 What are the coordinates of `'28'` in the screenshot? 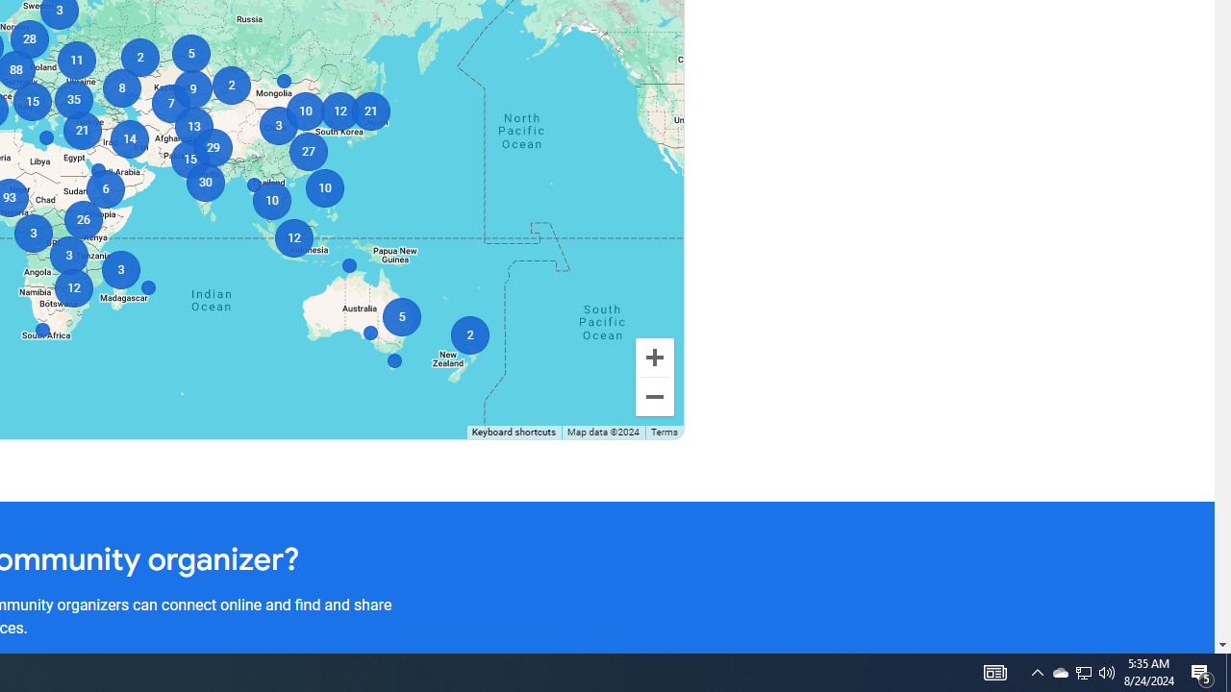 It's located at (29, 39).